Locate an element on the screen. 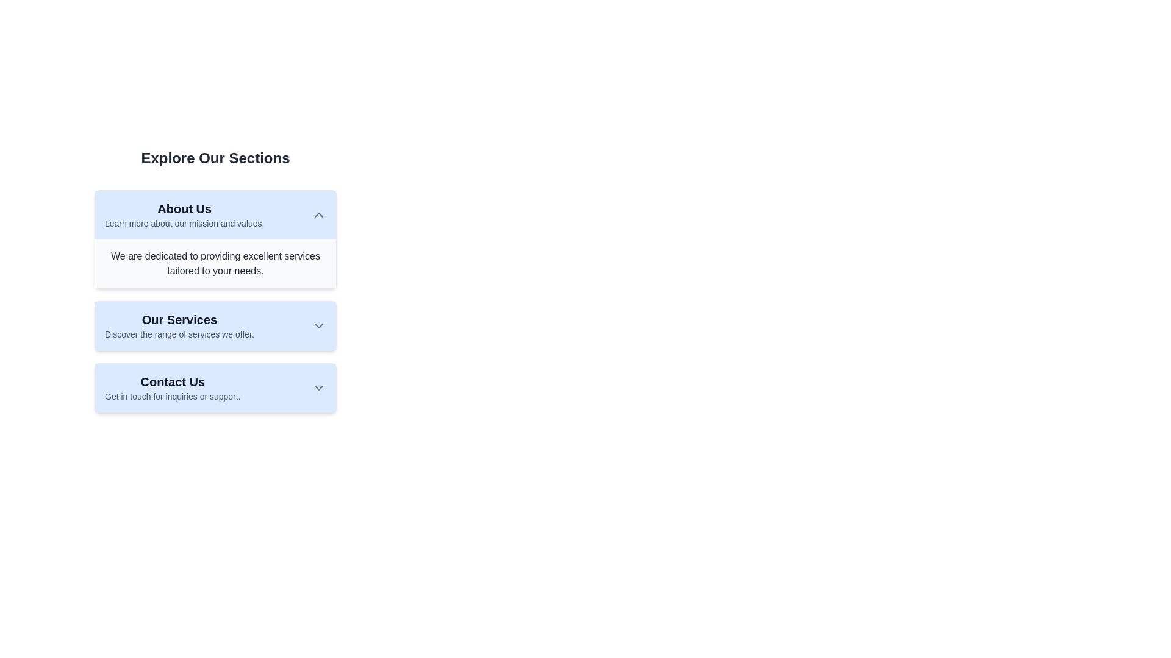 The image size is (1171, 658). the descriptive text block stating: 'We are dedicated to providing excellent services tailored to your needs.' located below the blue title bar 'About Us' in the first section of the expandable card is located at coordinates (215, 275).